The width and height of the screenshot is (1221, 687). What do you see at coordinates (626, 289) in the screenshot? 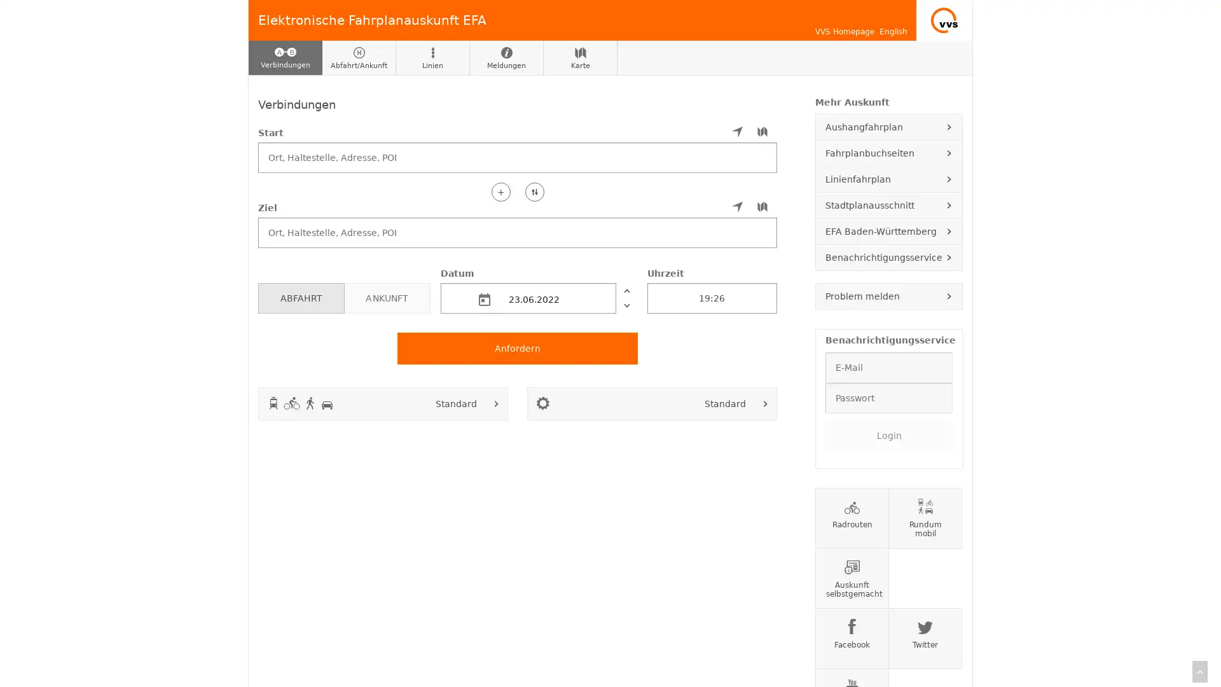
I see `vorher` at bounding box center [626, 289].